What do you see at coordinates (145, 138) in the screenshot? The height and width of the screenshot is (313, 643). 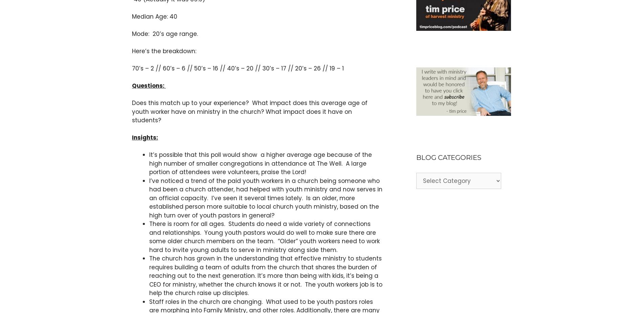 I see `'Insights:'` at bounding box center [145, 138].